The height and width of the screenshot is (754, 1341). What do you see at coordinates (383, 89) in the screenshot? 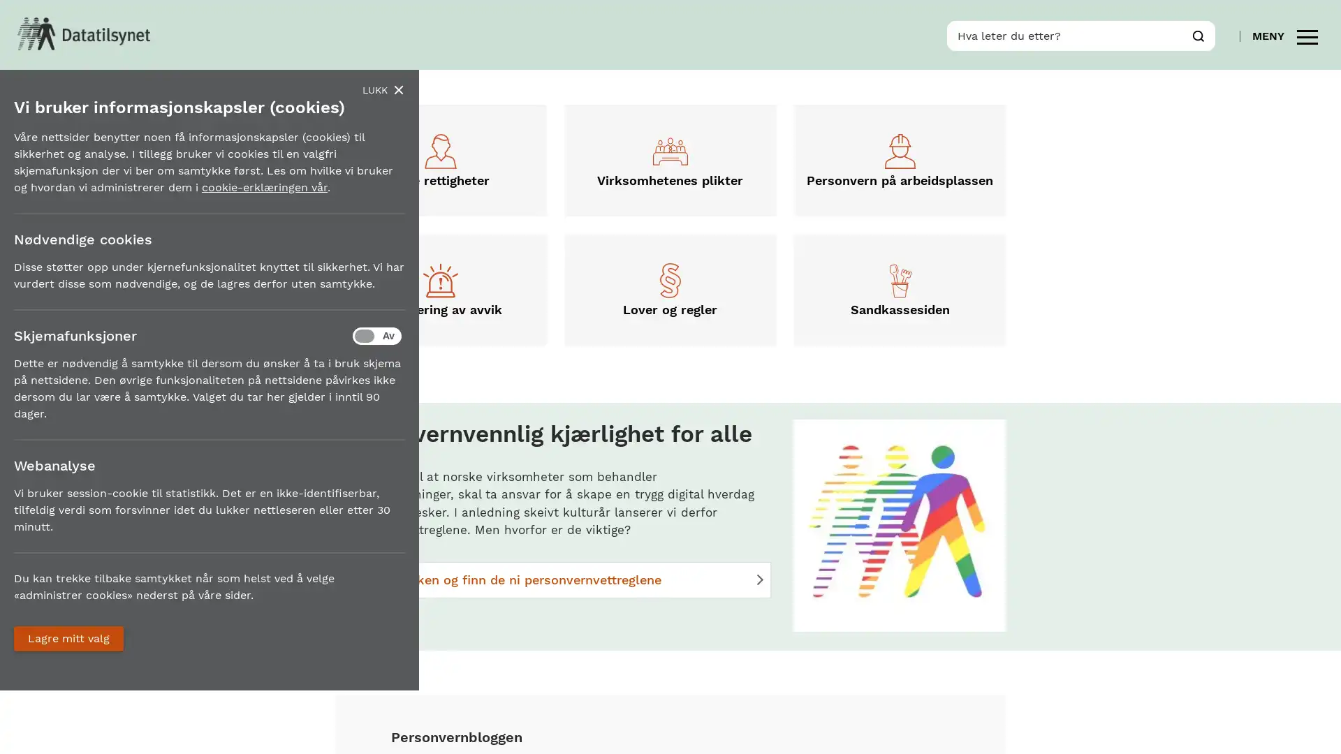
I see `LUKK` at bounding box center [383, 89].